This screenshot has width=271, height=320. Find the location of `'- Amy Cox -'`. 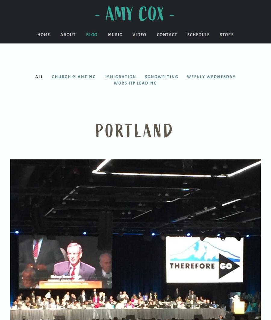

'- Amy Cox -' is located at coordinates (135, 14).